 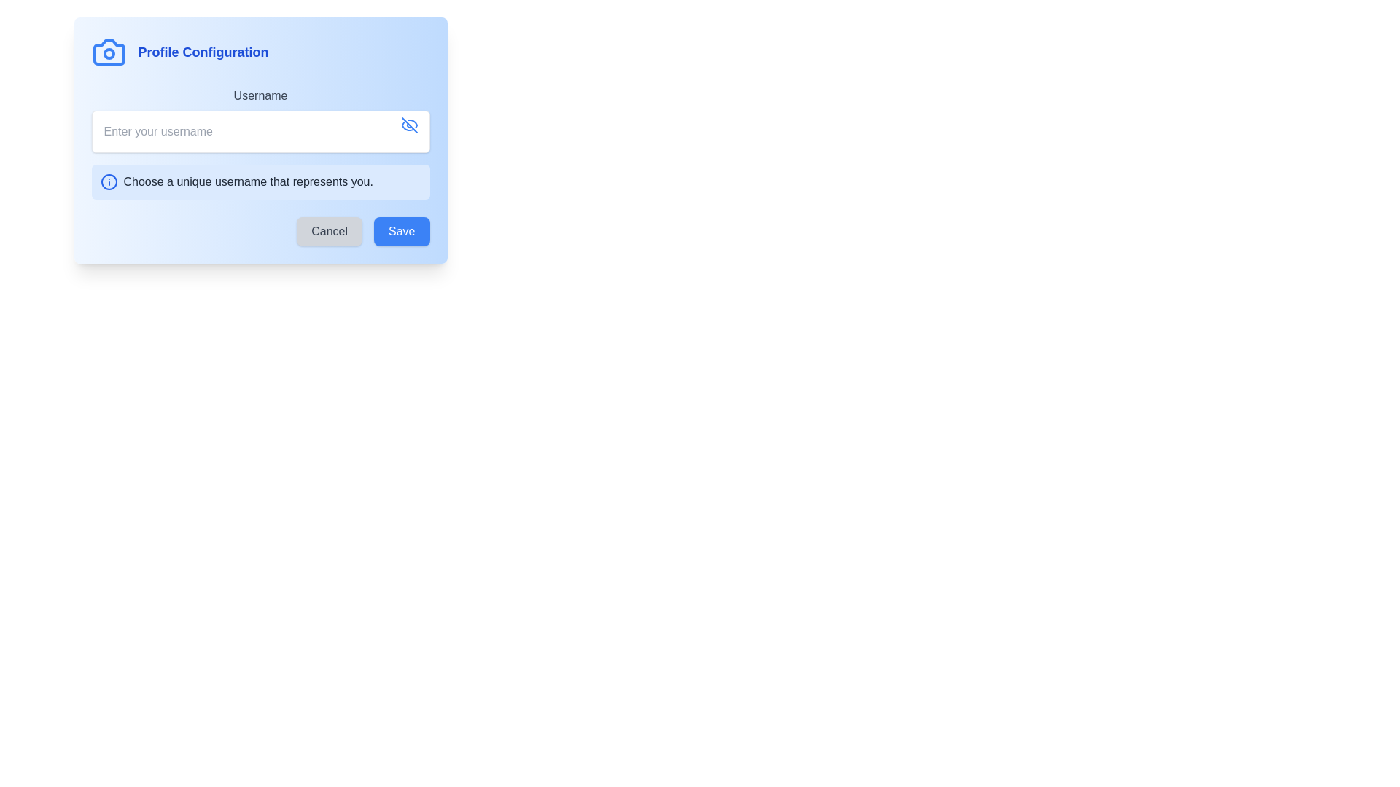 I want to click on the blue camera icon located to the left of the 'Profile Configuration' header, so click(x=108, y=52).